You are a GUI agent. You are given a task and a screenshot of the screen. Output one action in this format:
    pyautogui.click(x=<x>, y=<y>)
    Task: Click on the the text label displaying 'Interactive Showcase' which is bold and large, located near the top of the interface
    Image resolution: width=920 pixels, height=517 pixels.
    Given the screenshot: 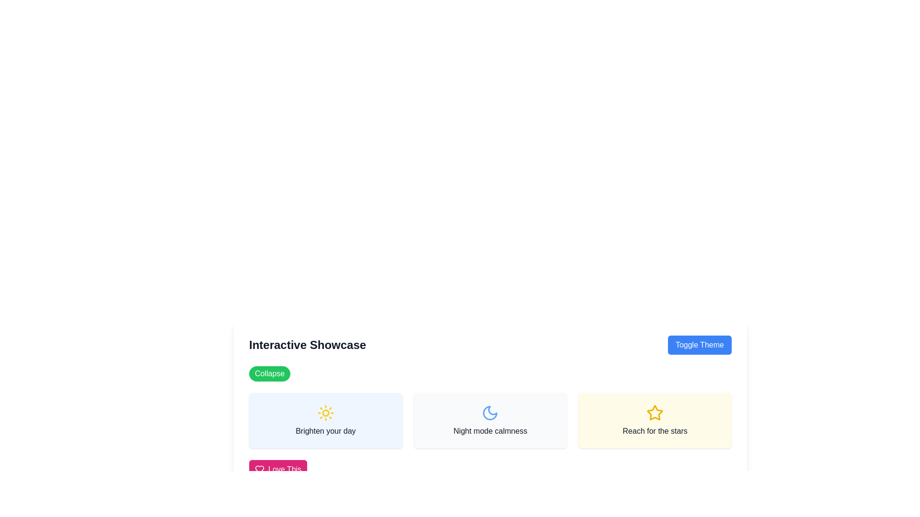 What is the action you would take?
    pyautogui.click(x=308, y=345)
    